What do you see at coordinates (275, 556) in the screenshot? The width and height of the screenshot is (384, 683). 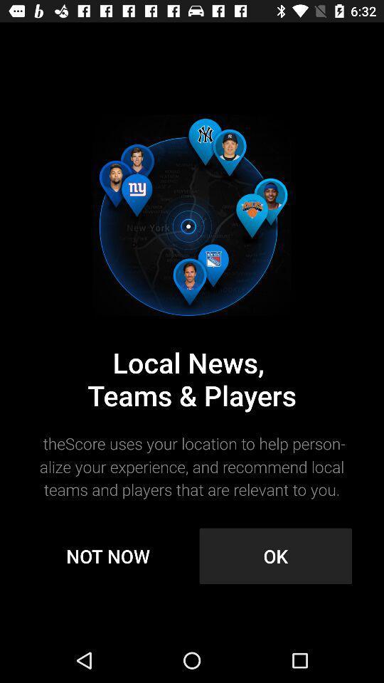 I see `the item next to not now` at bounding box center [275, 556].